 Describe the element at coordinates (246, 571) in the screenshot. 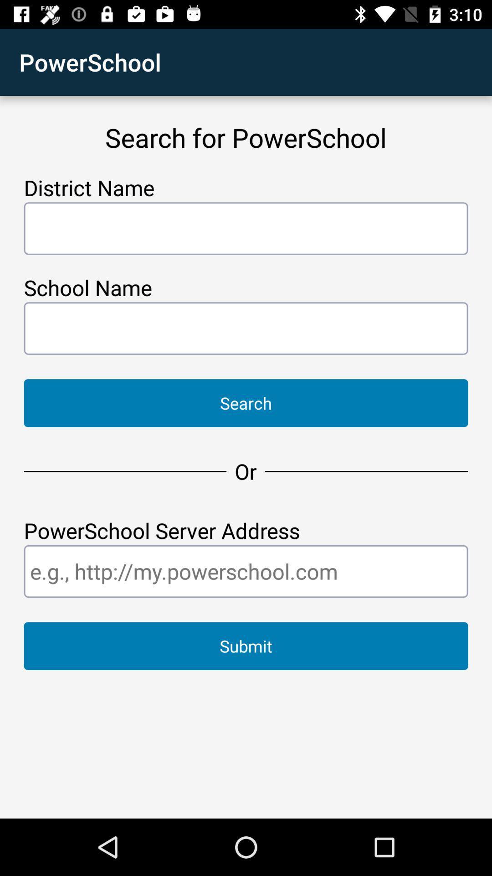

I see `share the article` at that location.